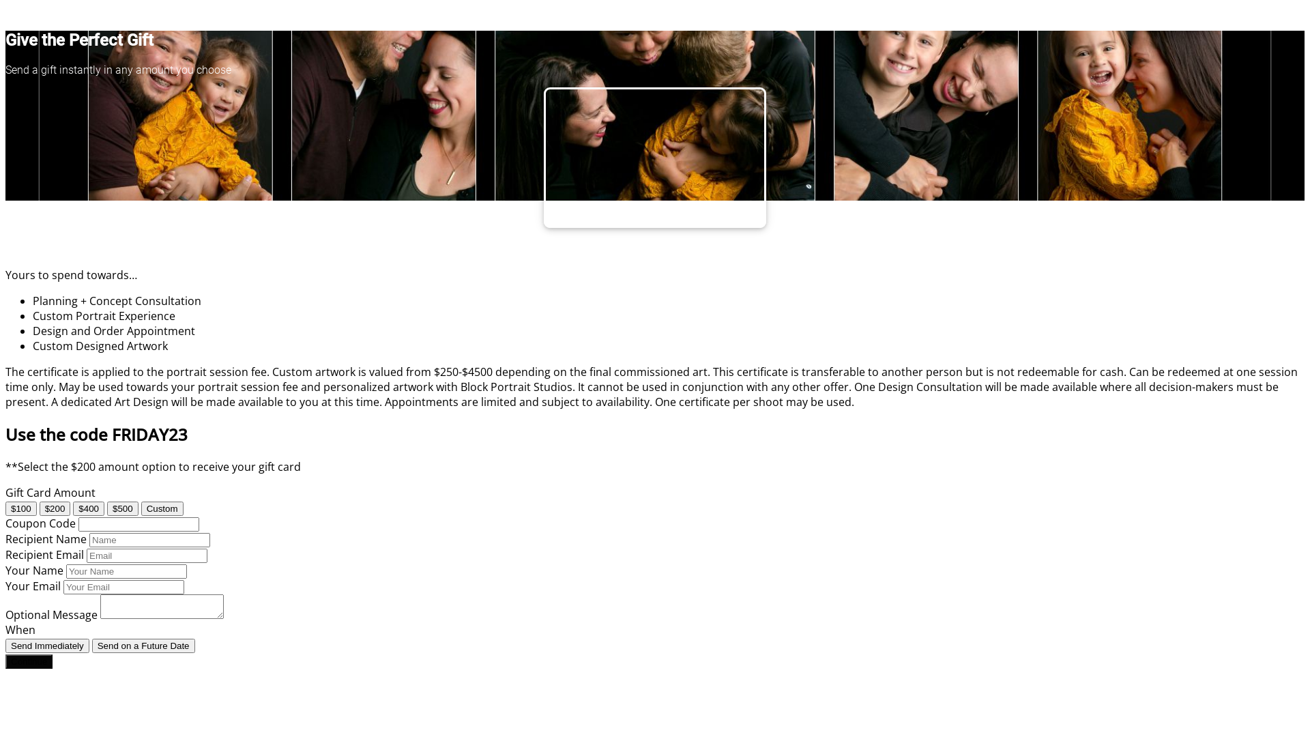 This screenshot has height=737, width=1310. I want to click on 'Custom', so click(141, 508).